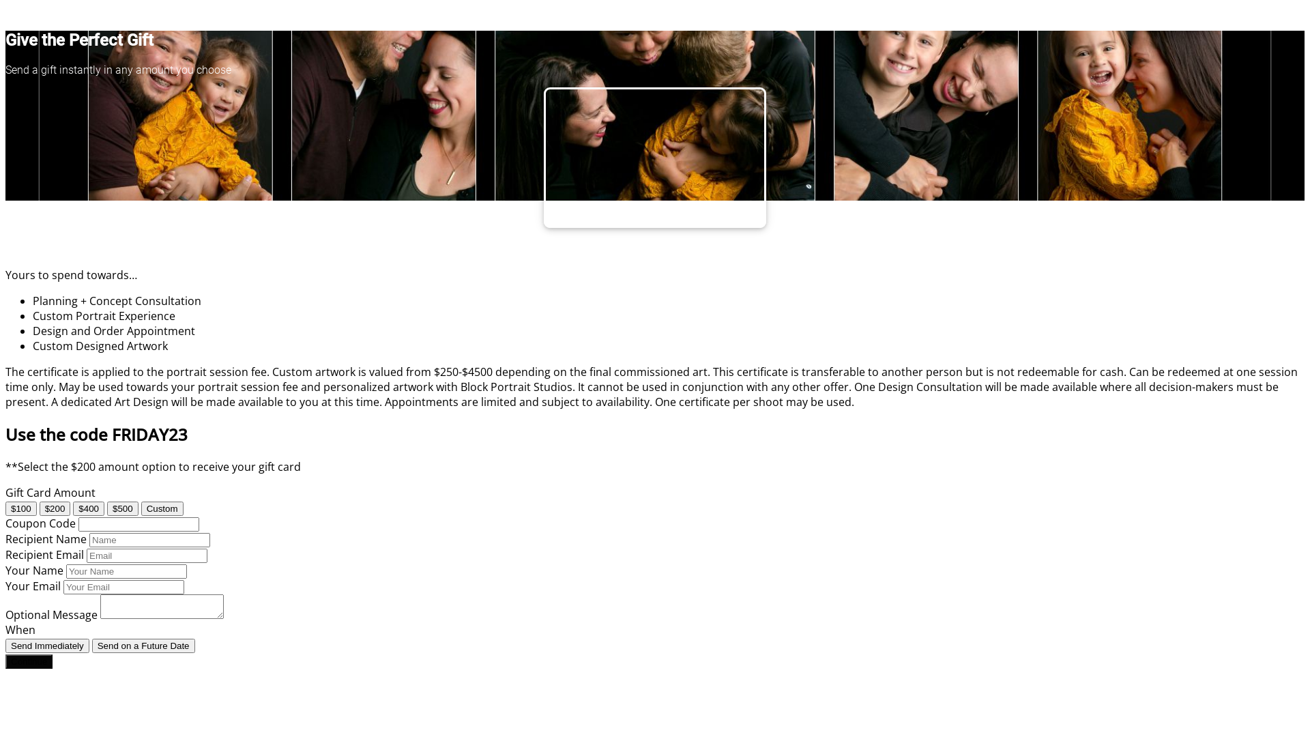 This screenshot has height=737, width=1310. I want to click on 'Custom', so click(141, 508).